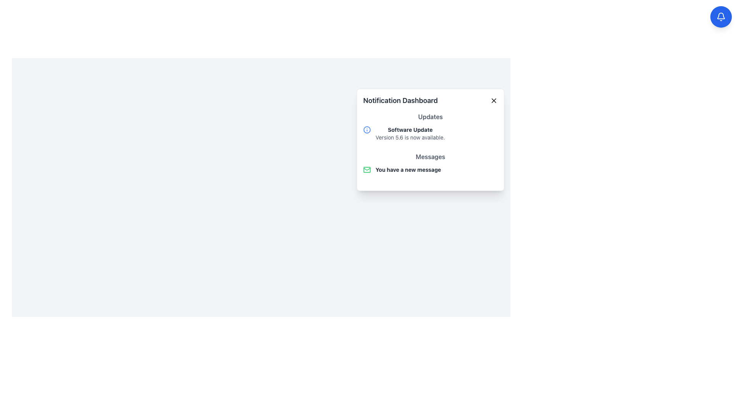 This screenshot has height=415, width=738. What do you see at coordinates (367, 169) in the screenshot?
I see `the green envelope icon located adjacent to the text 'You have a new message' in the notification popup` at bounding box center [367, 169].